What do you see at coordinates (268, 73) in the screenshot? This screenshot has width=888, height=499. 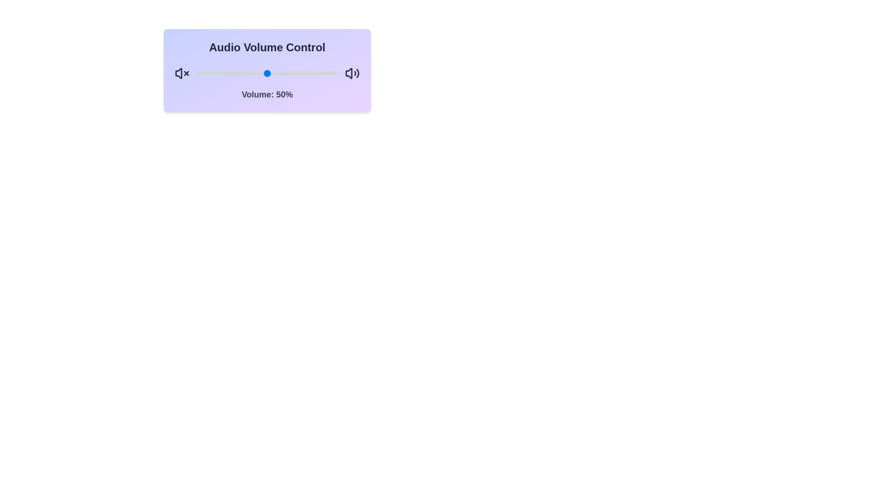 I see `the volume slider to set the volume to 51%` at bounding box center [268, 73].